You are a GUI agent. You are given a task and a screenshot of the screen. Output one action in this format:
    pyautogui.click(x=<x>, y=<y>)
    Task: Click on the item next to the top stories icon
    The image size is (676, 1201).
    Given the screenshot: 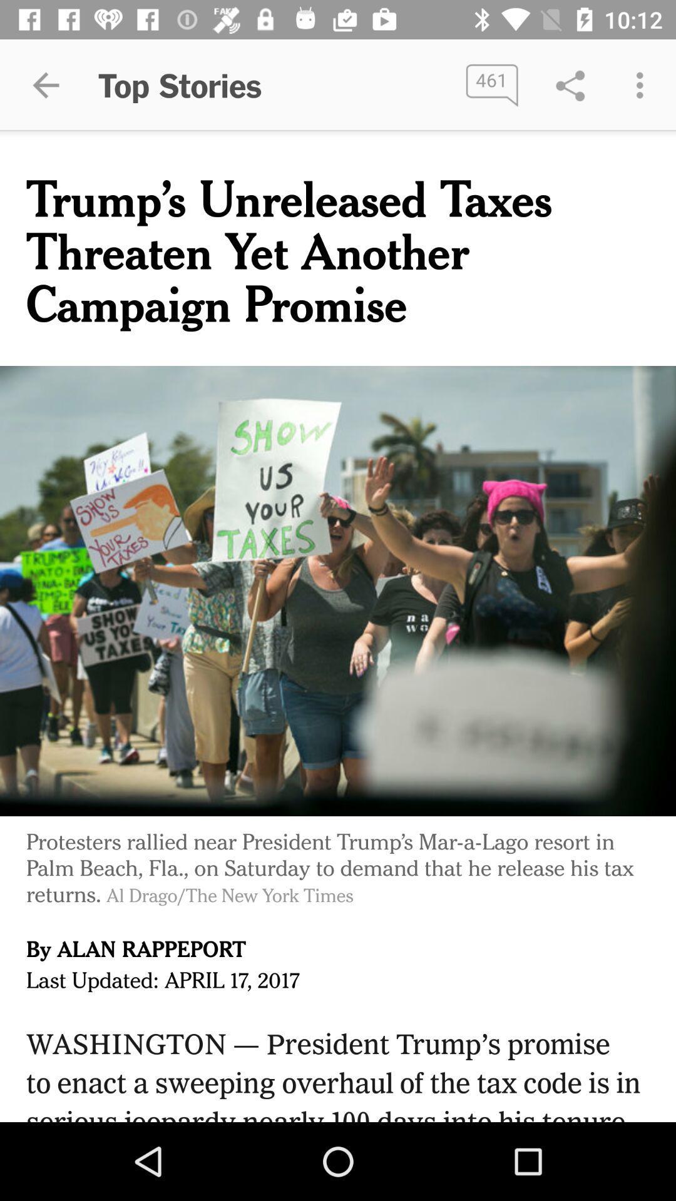 What is the action you would take?
    pyautogui.click(x=45, y=84)
    